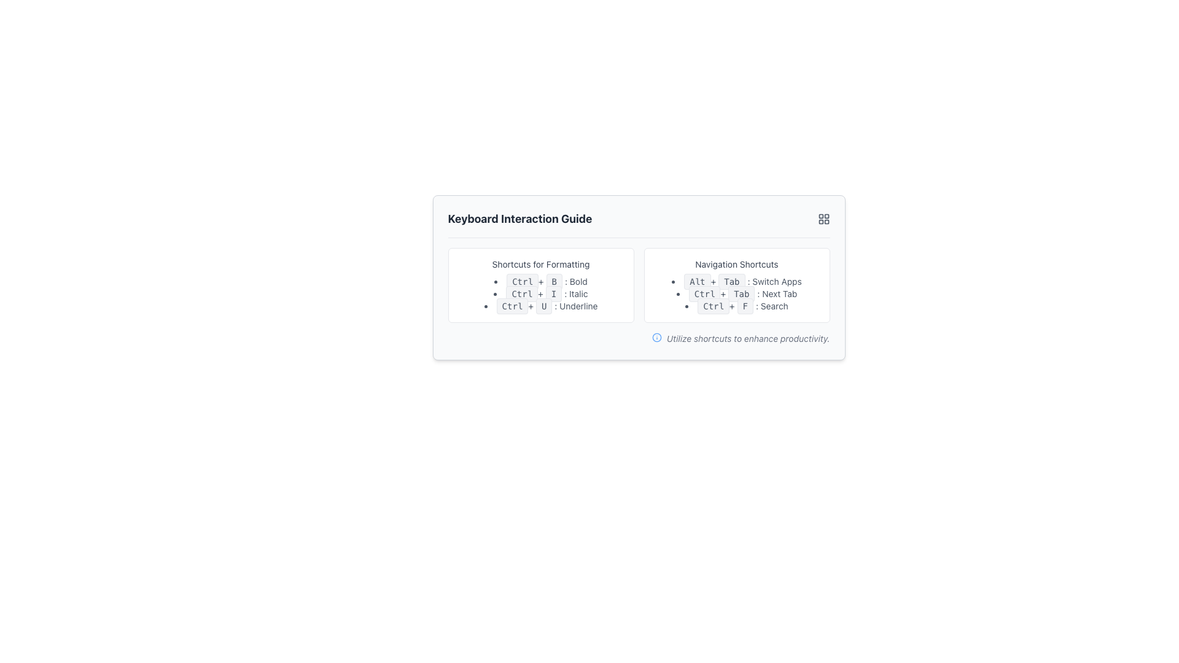 This screenshot has height=663, width=1179. I want to click on the 'U' button representing the underline keyboard shortcut in the 'Keyboard Interaction Guide' section, specifically under 'Shortcuts for Formatting', so click(543, 305).